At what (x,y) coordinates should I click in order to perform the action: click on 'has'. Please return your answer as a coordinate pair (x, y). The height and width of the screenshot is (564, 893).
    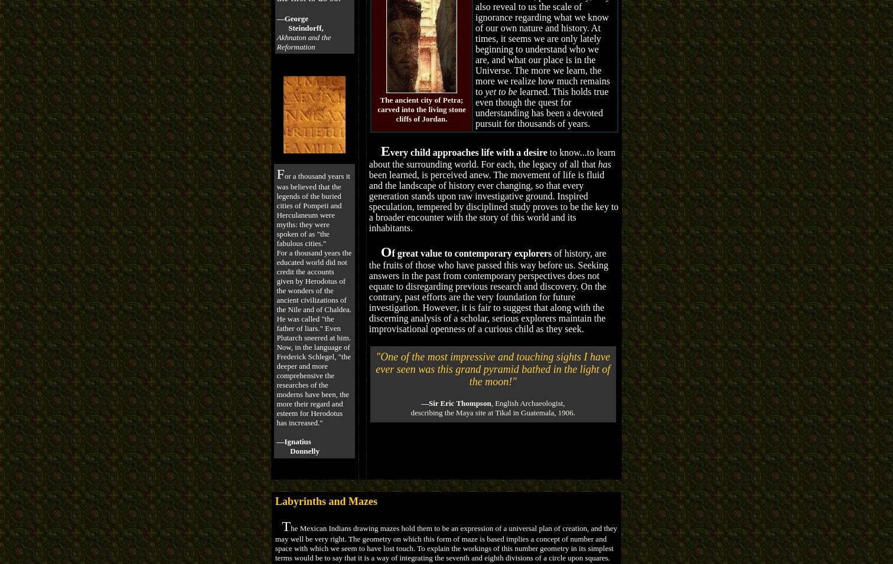
    Looking at the image, I should click on (604, 163).